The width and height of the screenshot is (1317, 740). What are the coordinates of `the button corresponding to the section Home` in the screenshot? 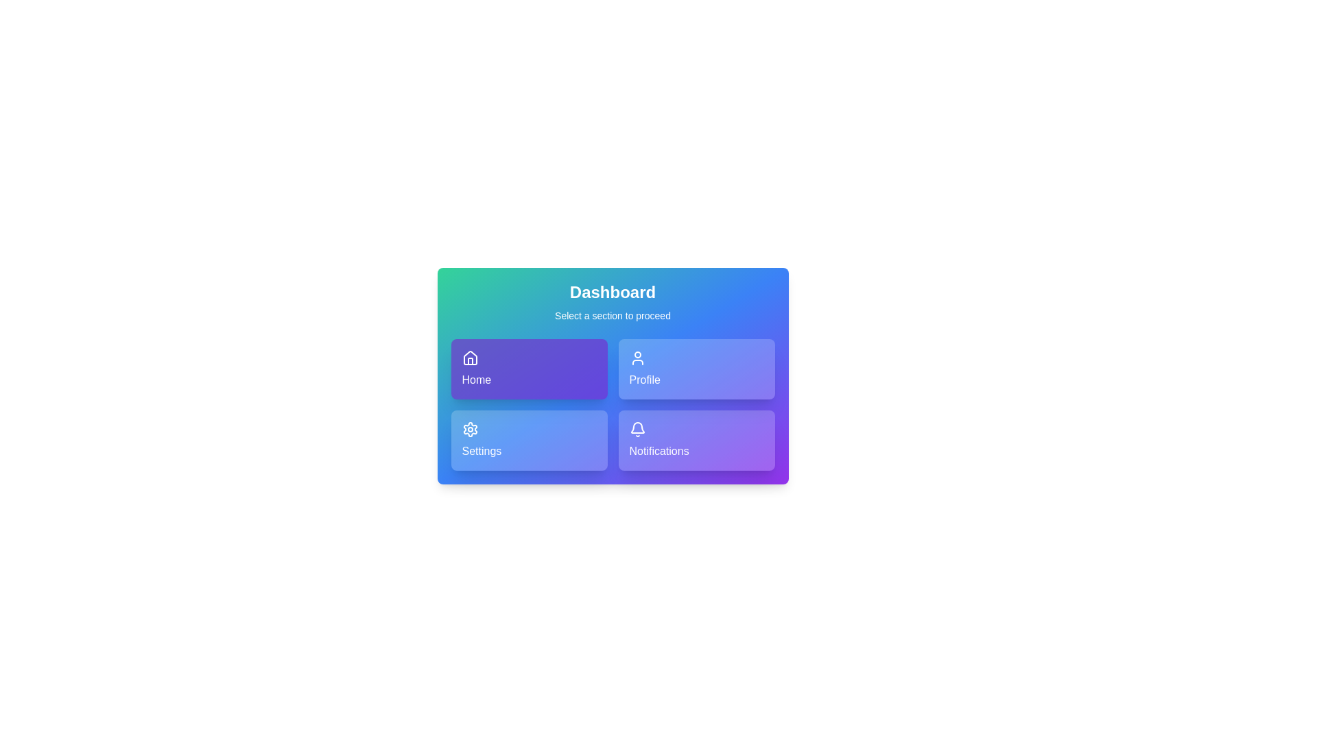 It's located at (528, 369).